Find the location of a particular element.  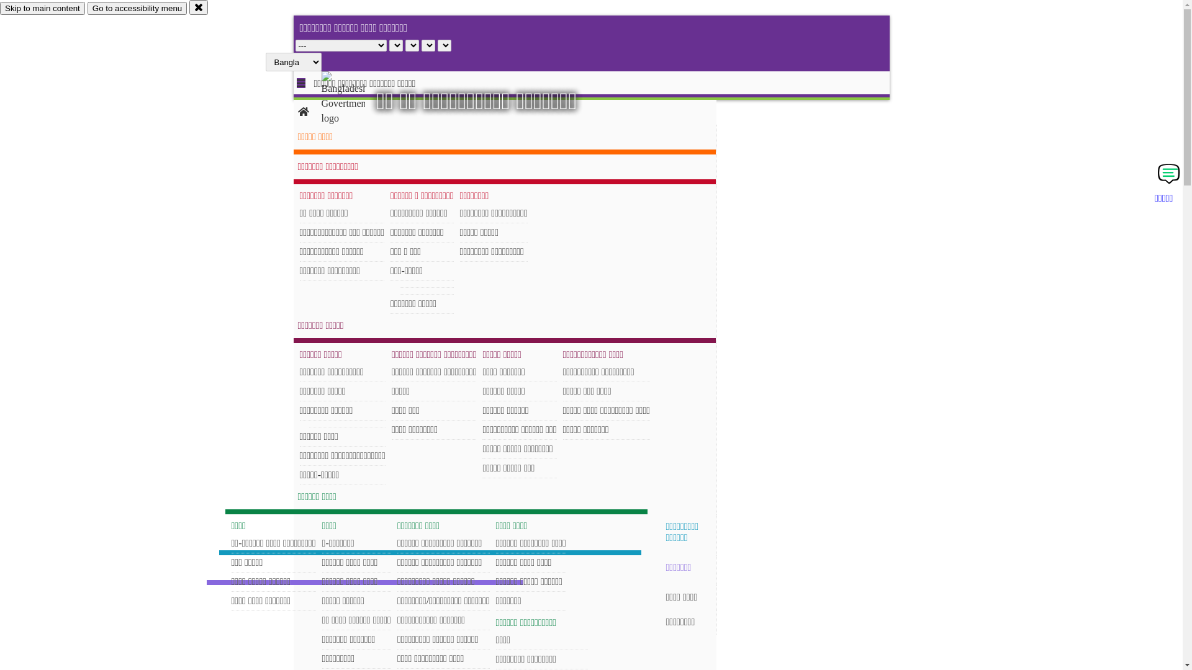

' is located at coordinates (353, 97).